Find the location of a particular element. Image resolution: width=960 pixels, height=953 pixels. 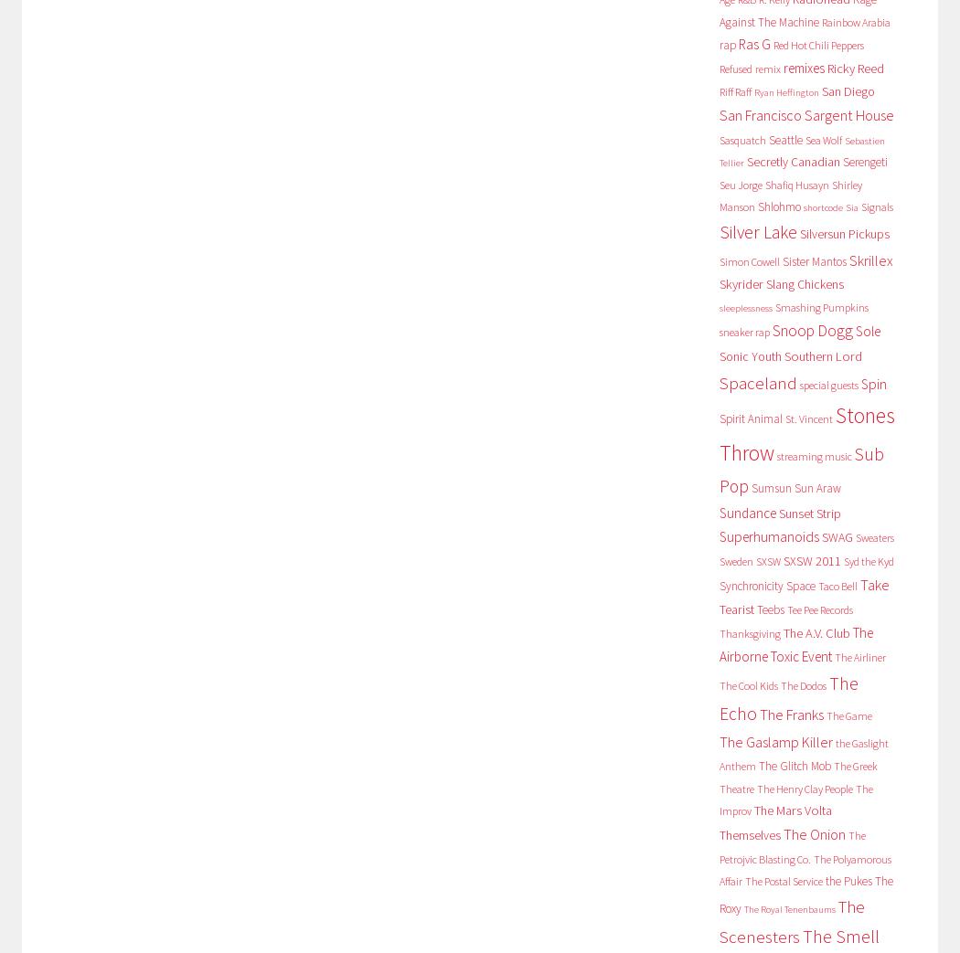

'shortcode' is located at coordinates (821, 206).